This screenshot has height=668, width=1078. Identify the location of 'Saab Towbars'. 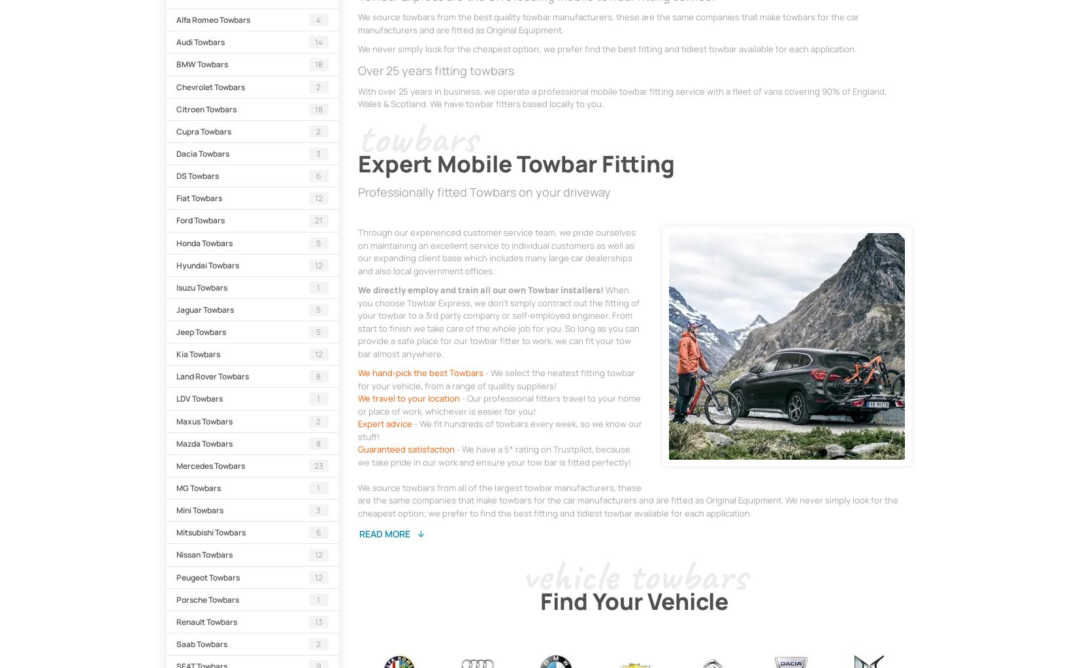
(202, 643).